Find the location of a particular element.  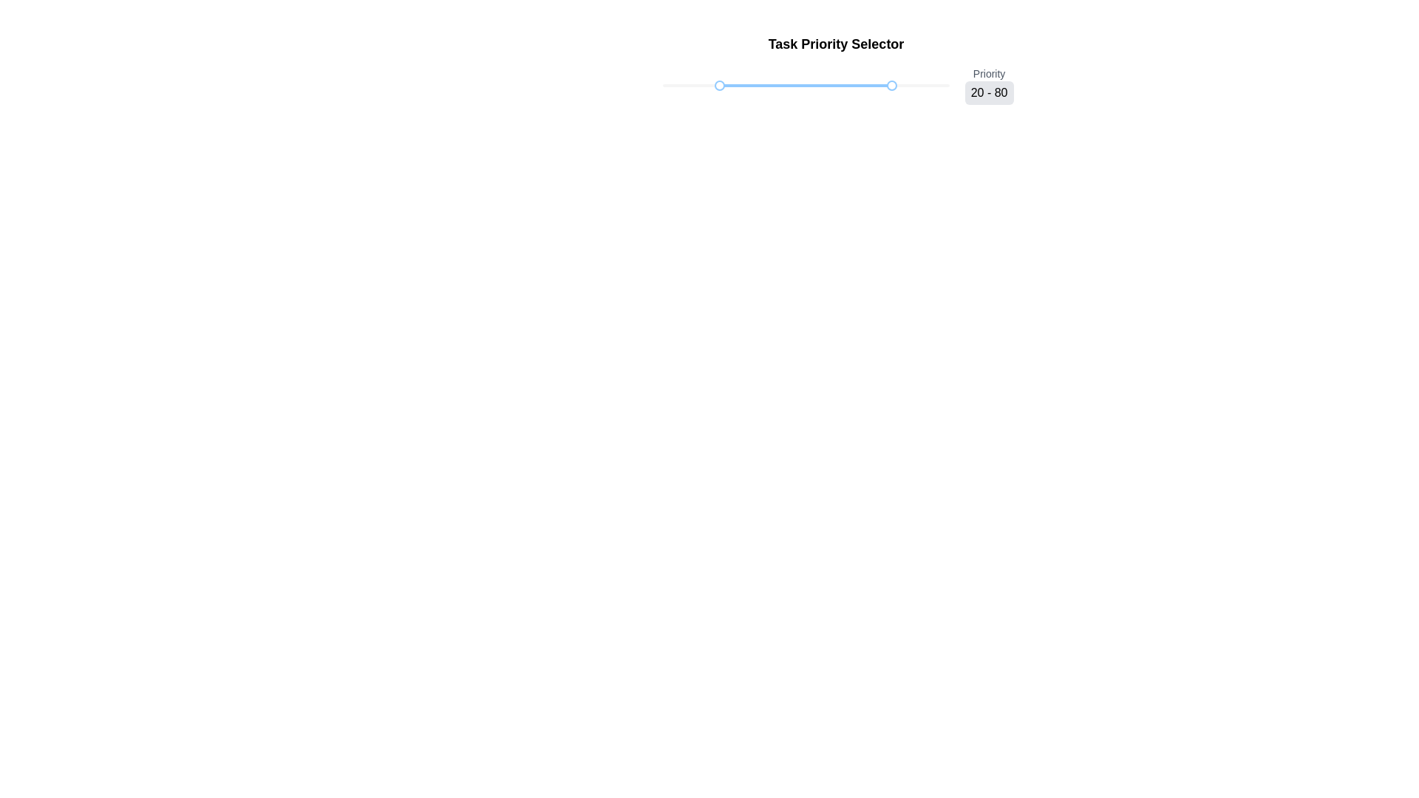

the circular slider handle located at the 20% position of the horizontal slider component beneath the 'Task Priority Selector' label is located at coordinates (793, 85).